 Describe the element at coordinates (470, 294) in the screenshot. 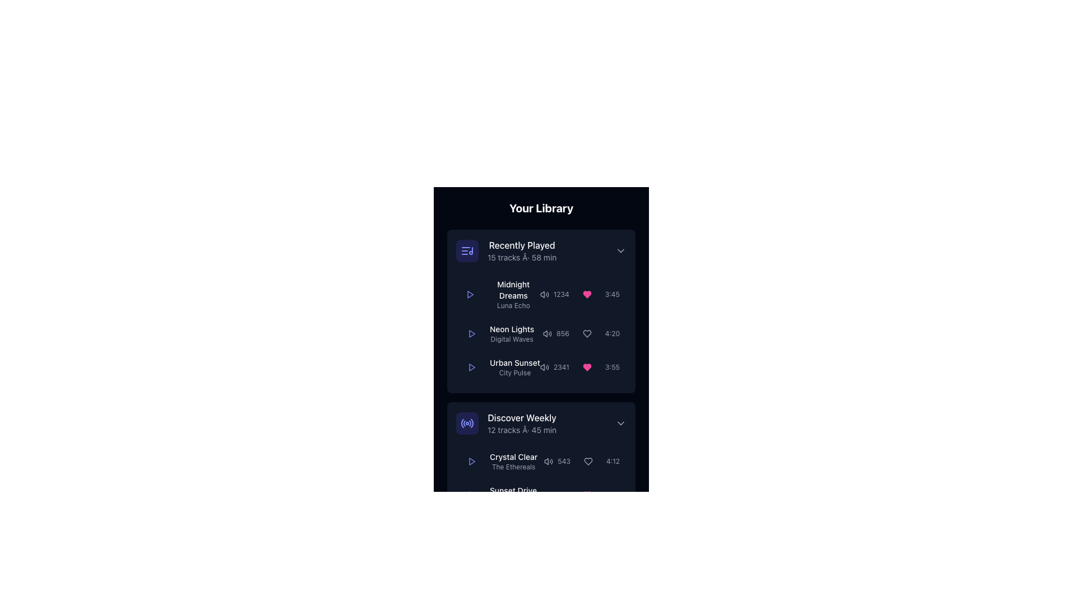

I see `the circular play button with a translucent indigo background and a triangular play icon to play the track 'Midnight Dreams'` at that location.